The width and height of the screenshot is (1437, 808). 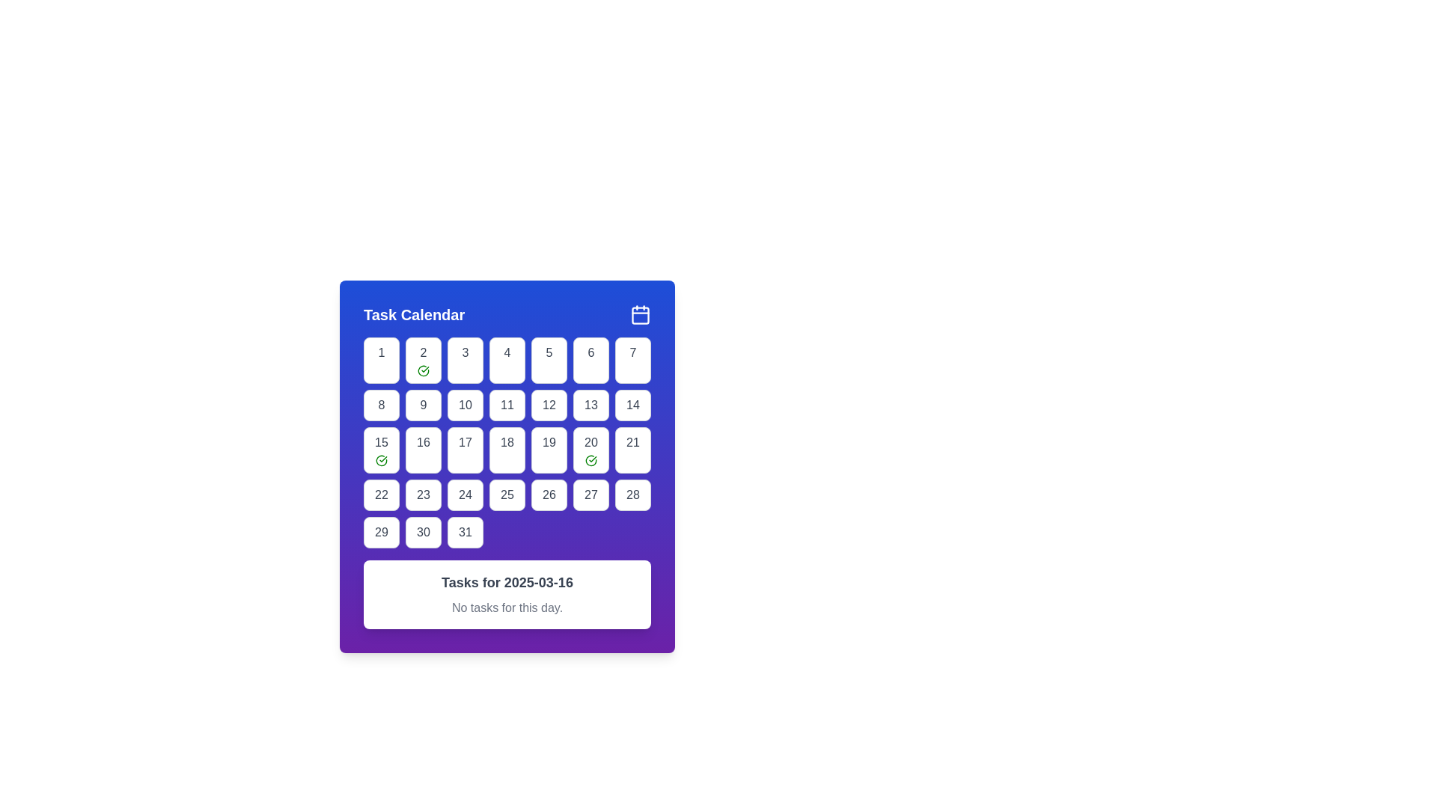 I want to click on the fifth day of the week in the calendar grid, so click(x=549, y=352).